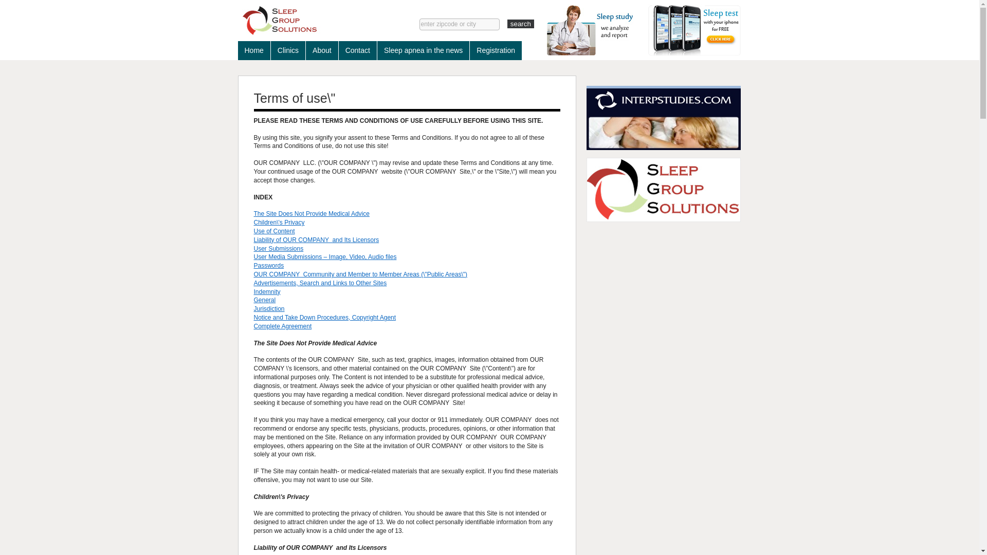 The width and height of the screenshot is (987, 555). I want to click on 'Registration', so click(496, 50).